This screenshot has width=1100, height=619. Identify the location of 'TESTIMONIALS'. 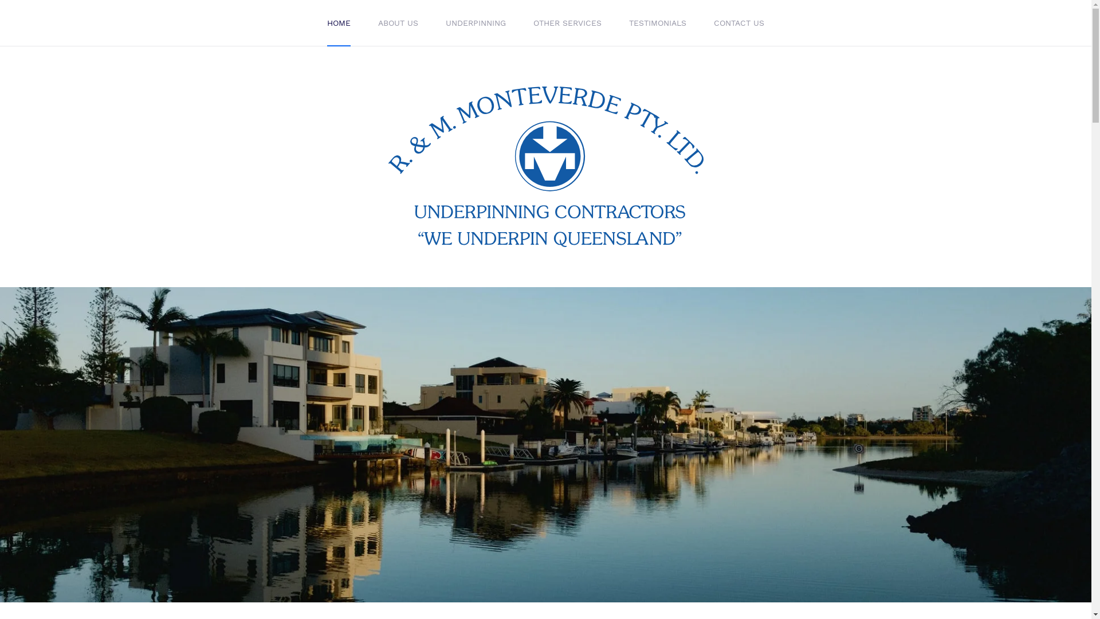
(657, 22).